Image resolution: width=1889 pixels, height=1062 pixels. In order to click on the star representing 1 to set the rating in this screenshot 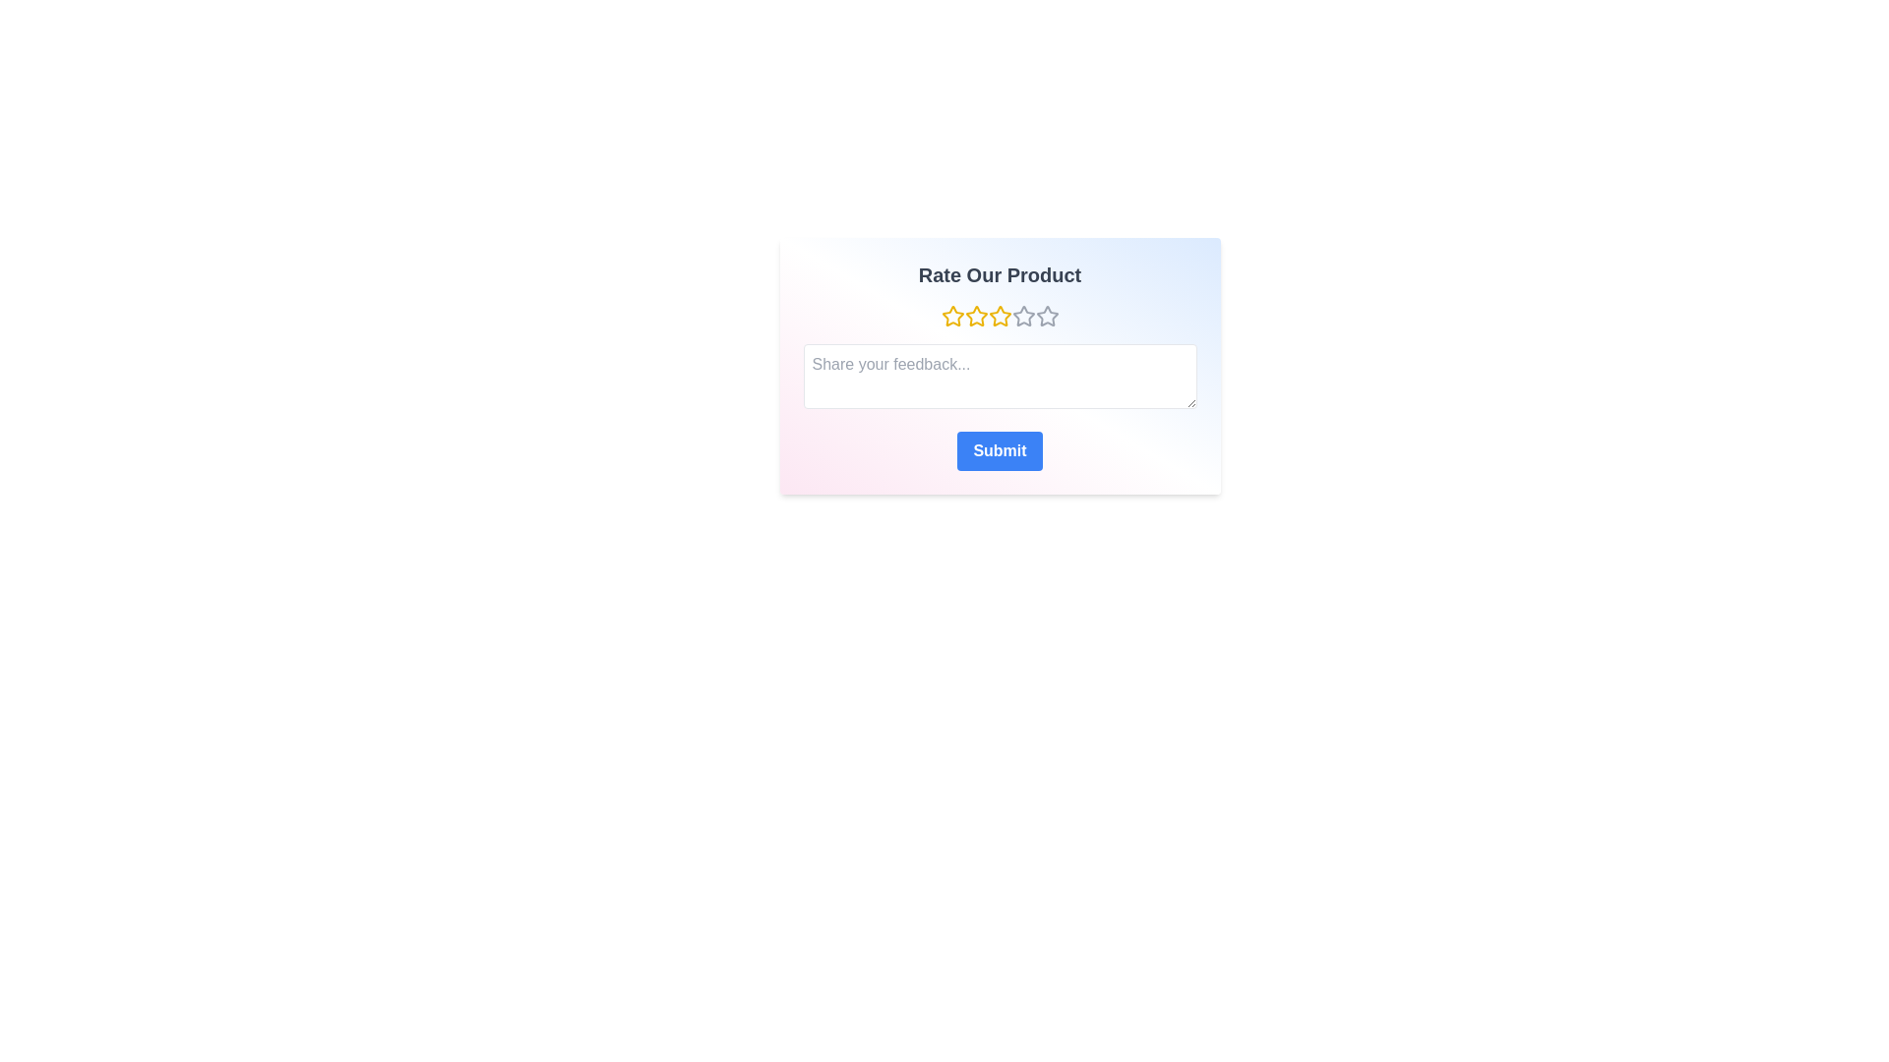, I will do `click(952, 315)`.